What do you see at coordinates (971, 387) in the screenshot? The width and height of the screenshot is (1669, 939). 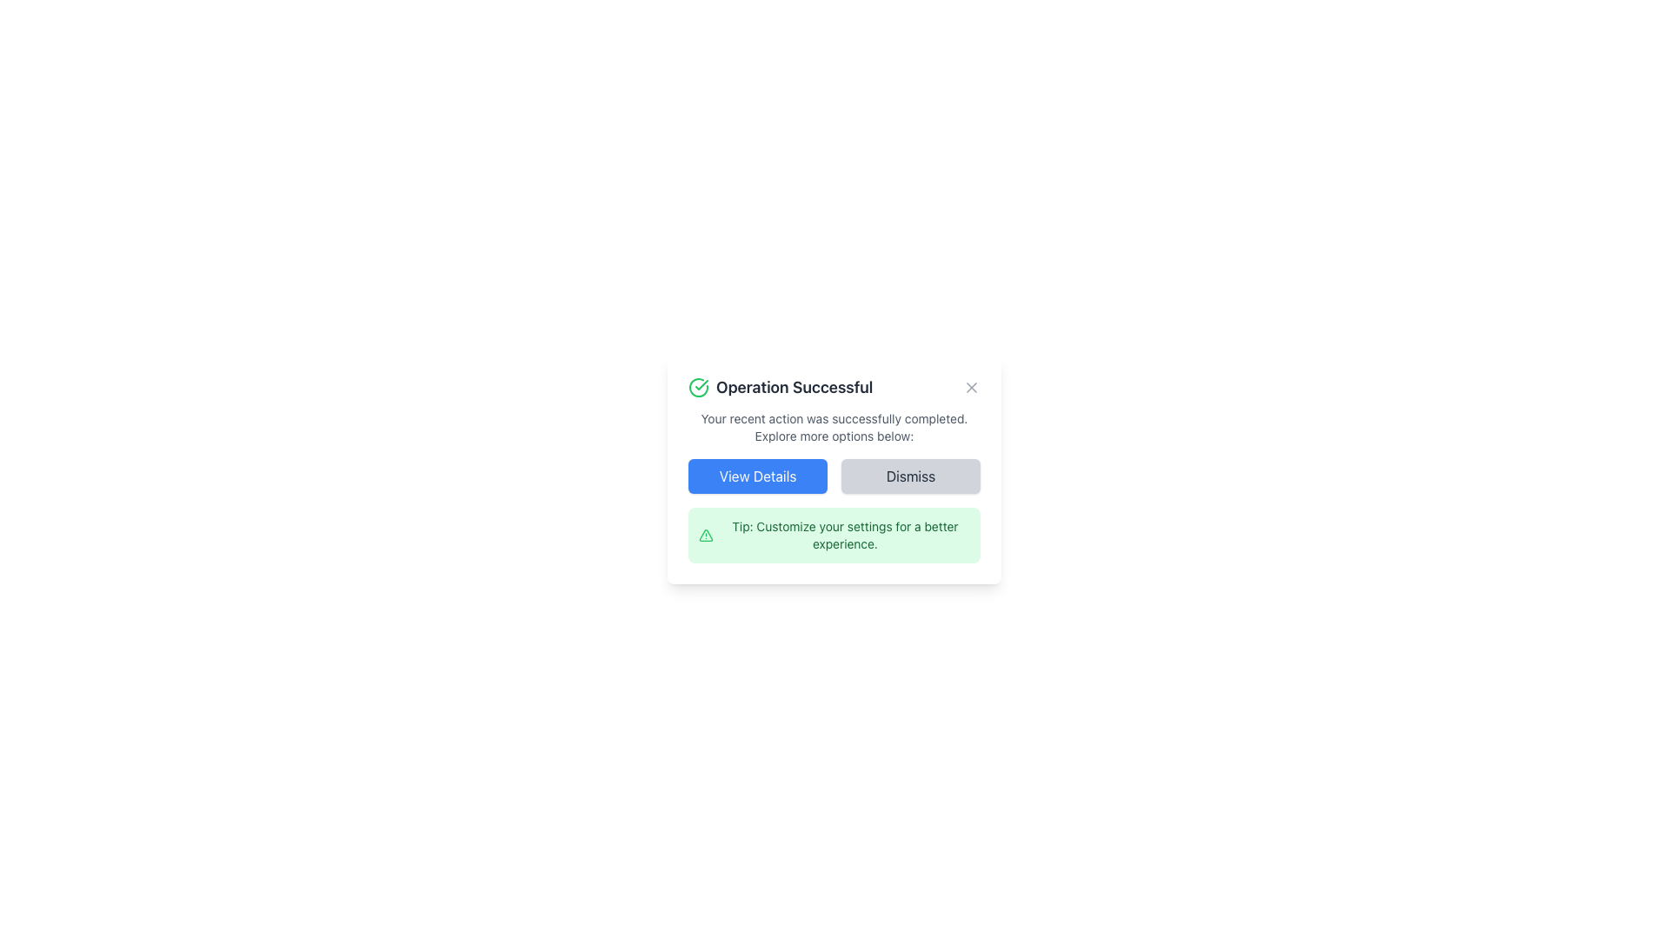 I see `the close button located at the top-right corner of the notification card with the message 'Operation Successful'` at bounding box center [971, 387].